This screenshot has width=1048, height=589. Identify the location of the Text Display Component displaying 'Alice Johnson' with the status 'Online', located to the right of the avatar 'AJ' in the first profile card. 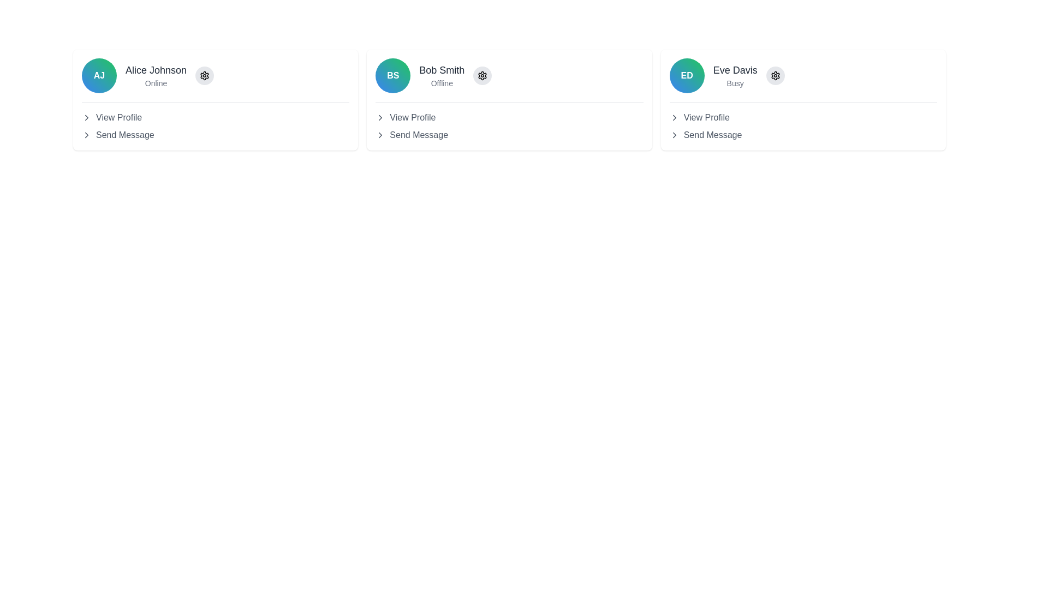
(156, 75).